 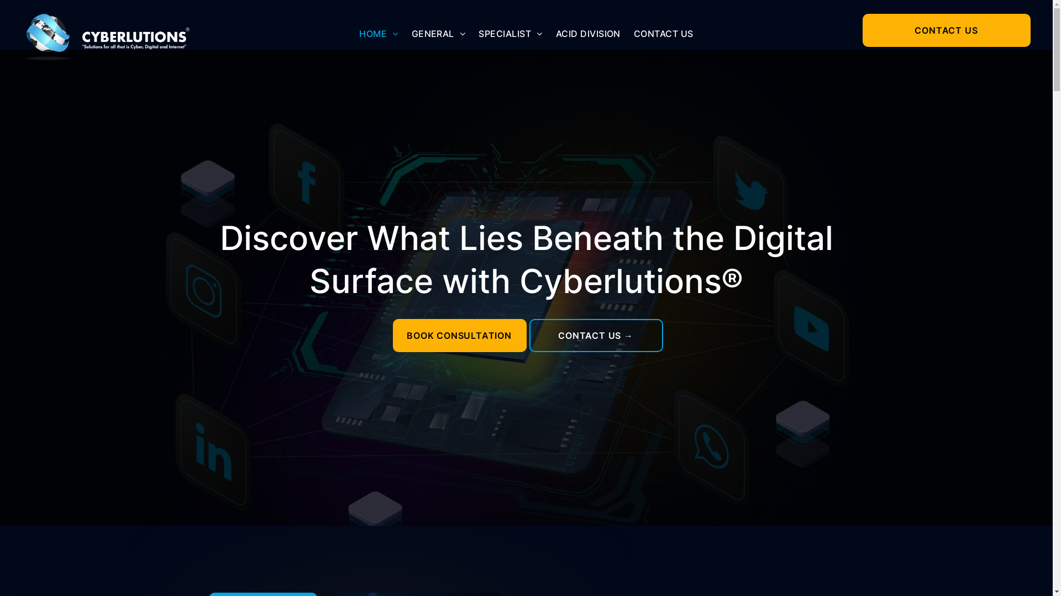 What do you see at coordinates (438, 33) in the screenshot?
I see `'GENERAL'` at bounding box center [438, 33].